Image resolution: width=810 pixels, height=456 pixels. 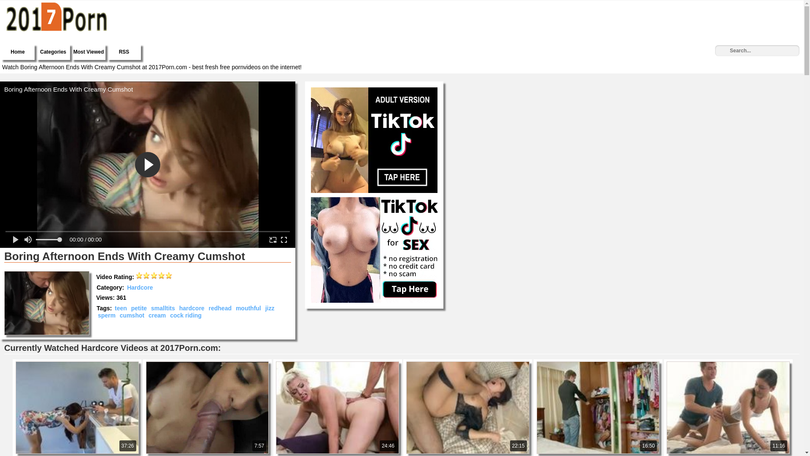 What do you see at coordinates (157, 315) in the screenshot?
I see `'cream'` at bounding box center [157, 315].